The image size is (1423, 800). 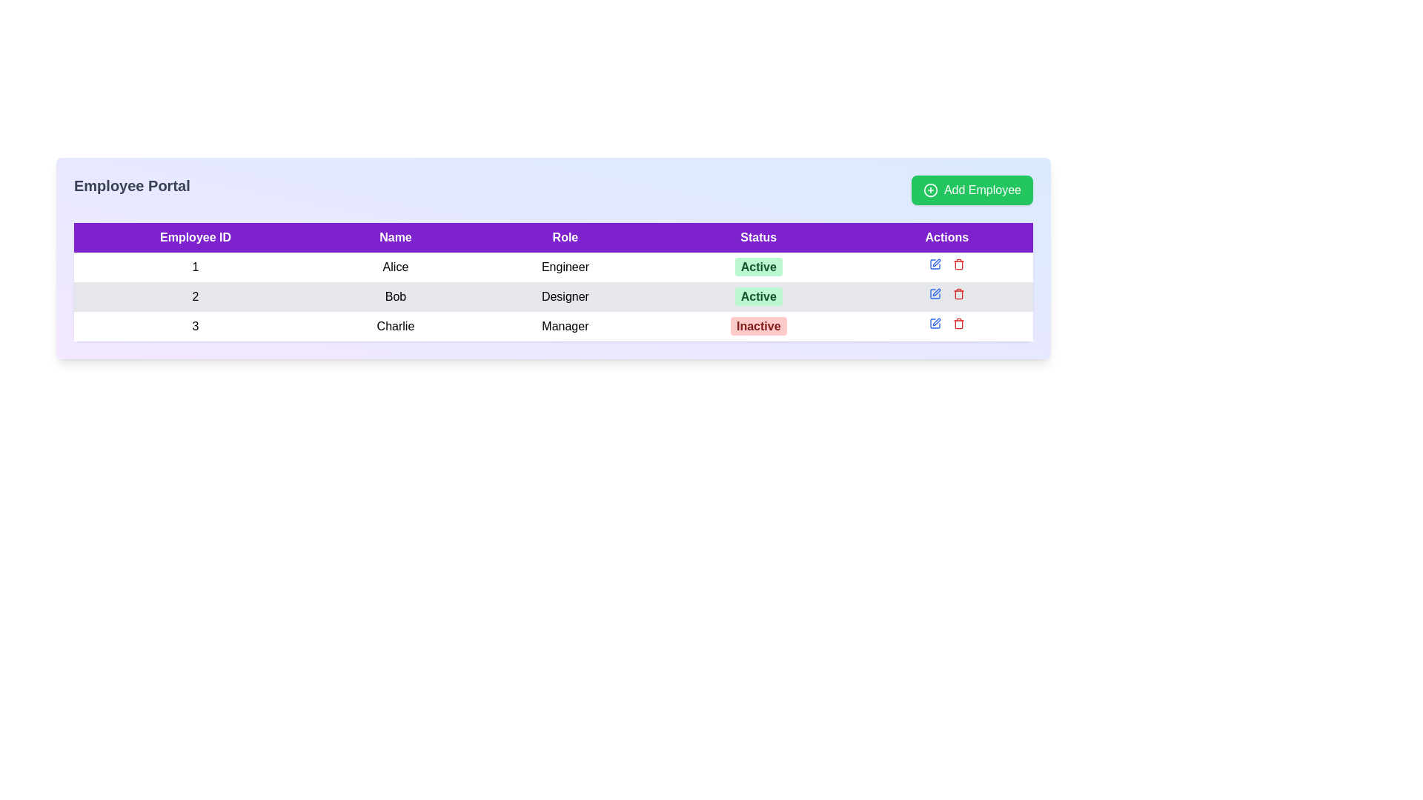 I want to click on the 'Active' status indicator badge with a green background in the 'Status' column of the 'Employee Portal' table, corresponding to Alice, an Engineer, so click(x=758, y=267).